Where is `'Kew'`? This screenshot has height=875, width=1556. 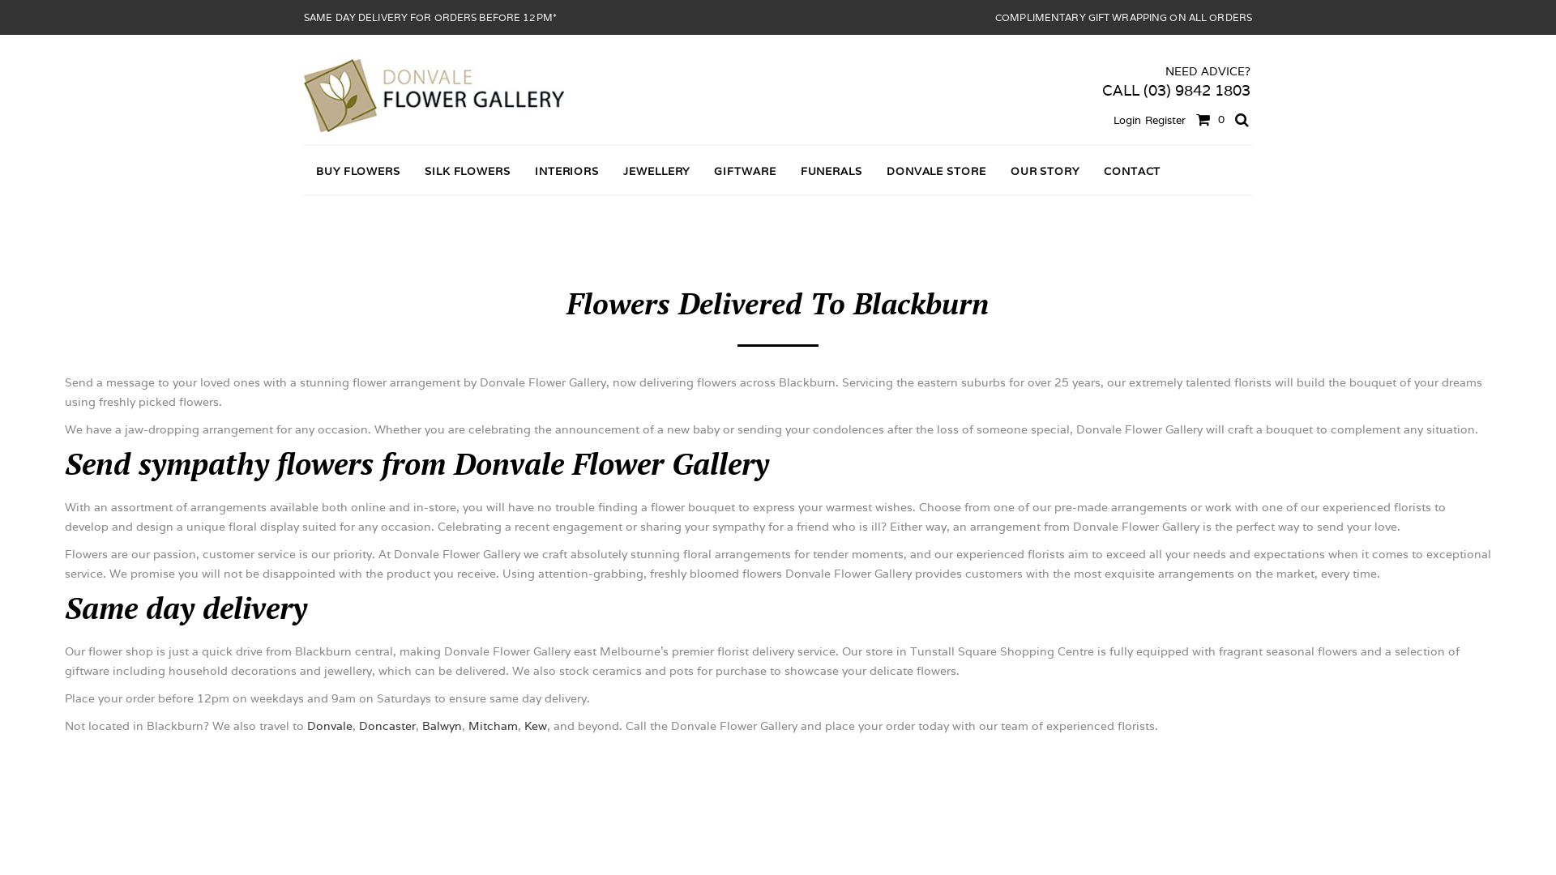
'Kew' is located at coordinates (536, 724).